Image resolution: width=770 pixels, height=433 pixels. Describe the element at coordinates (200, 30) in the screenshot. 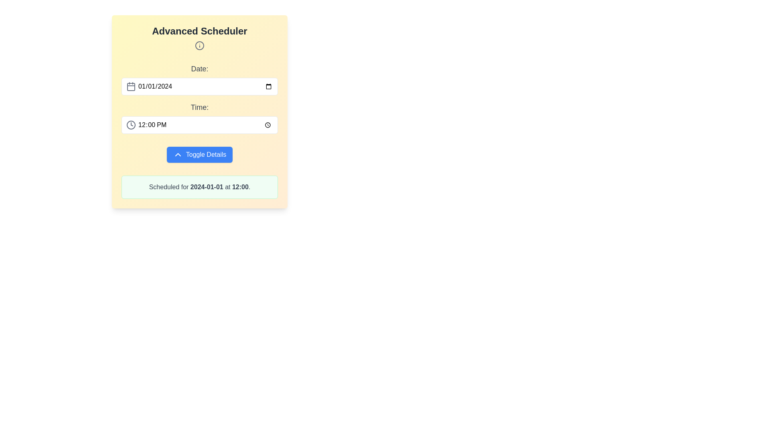

I see `text from the 'Advanced Scheduler' label located at the top of the panel` at that location.